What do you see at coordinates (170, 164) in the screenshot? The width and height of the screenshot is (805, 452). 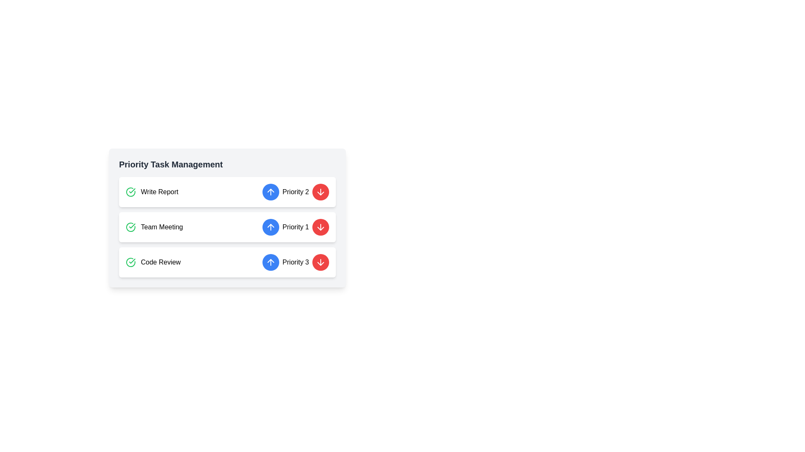 I see `text label 'Priority Task Management' which is a bold header positioned at the top of the task management card component` at bounding box center [170, 164].